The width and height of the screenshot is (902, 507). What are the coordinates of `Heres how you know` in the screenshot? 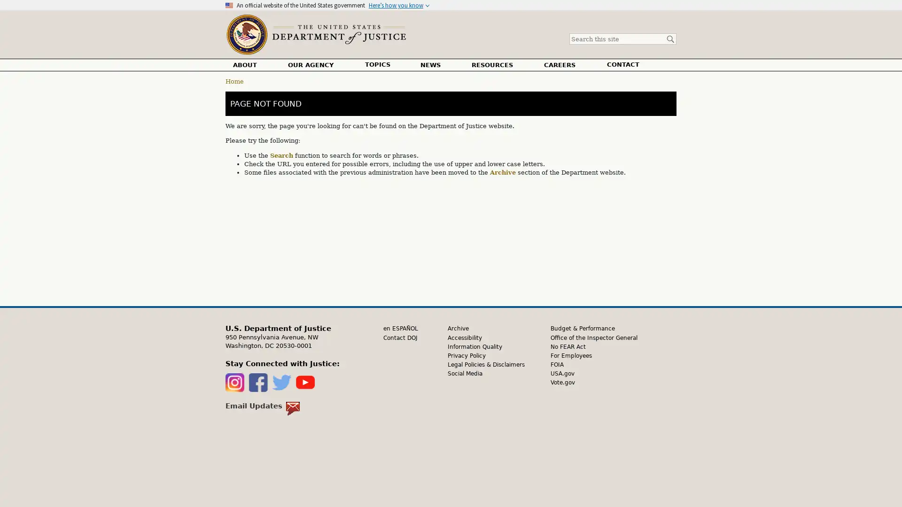 It's located at (399, 5).